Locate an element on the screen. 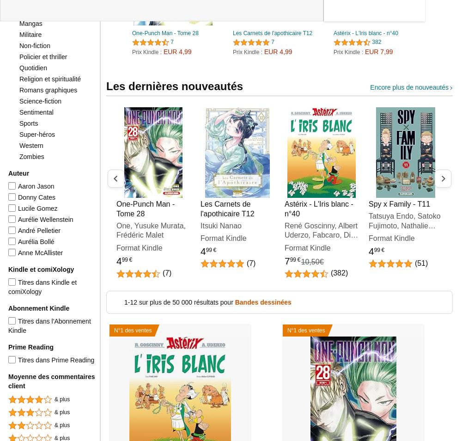  'Super-héros' is located at coordinates (36, 134).